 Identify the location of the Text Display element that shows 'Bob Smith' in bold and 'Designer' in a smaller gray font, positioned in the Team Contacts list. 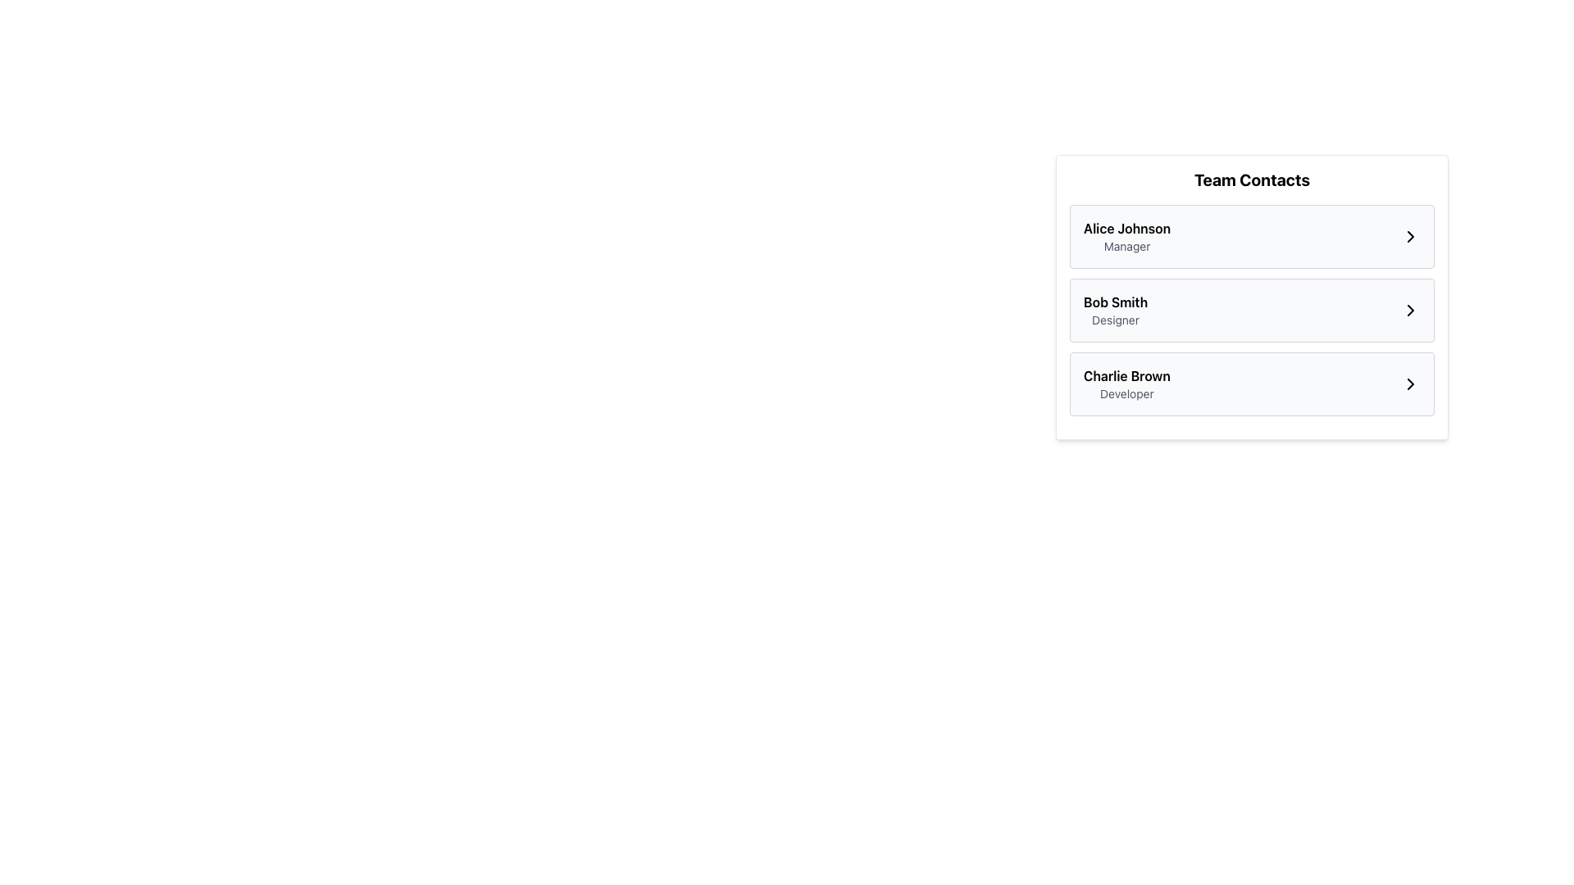
(1115, 310).